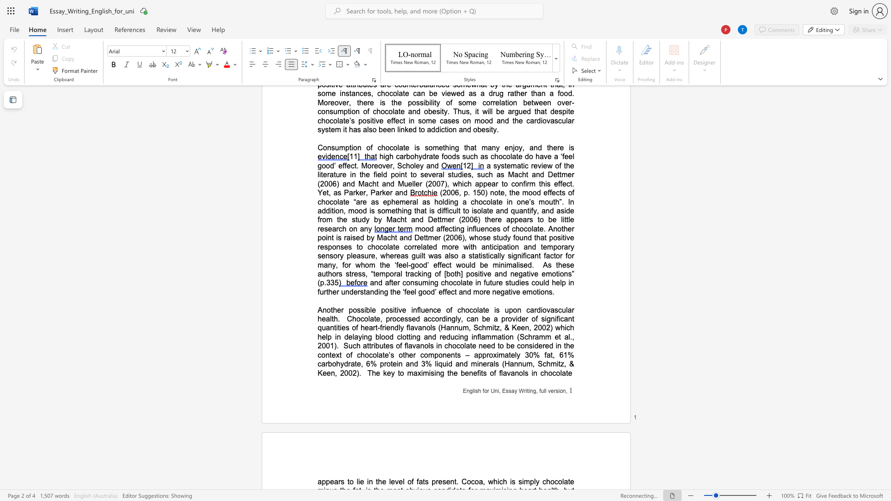 This screenshot has height=501, width=891. Describe the element at coordinates (504, 291) in the screenshot. I see `the space between the continuous character "g" and "a" in the text` at that location.